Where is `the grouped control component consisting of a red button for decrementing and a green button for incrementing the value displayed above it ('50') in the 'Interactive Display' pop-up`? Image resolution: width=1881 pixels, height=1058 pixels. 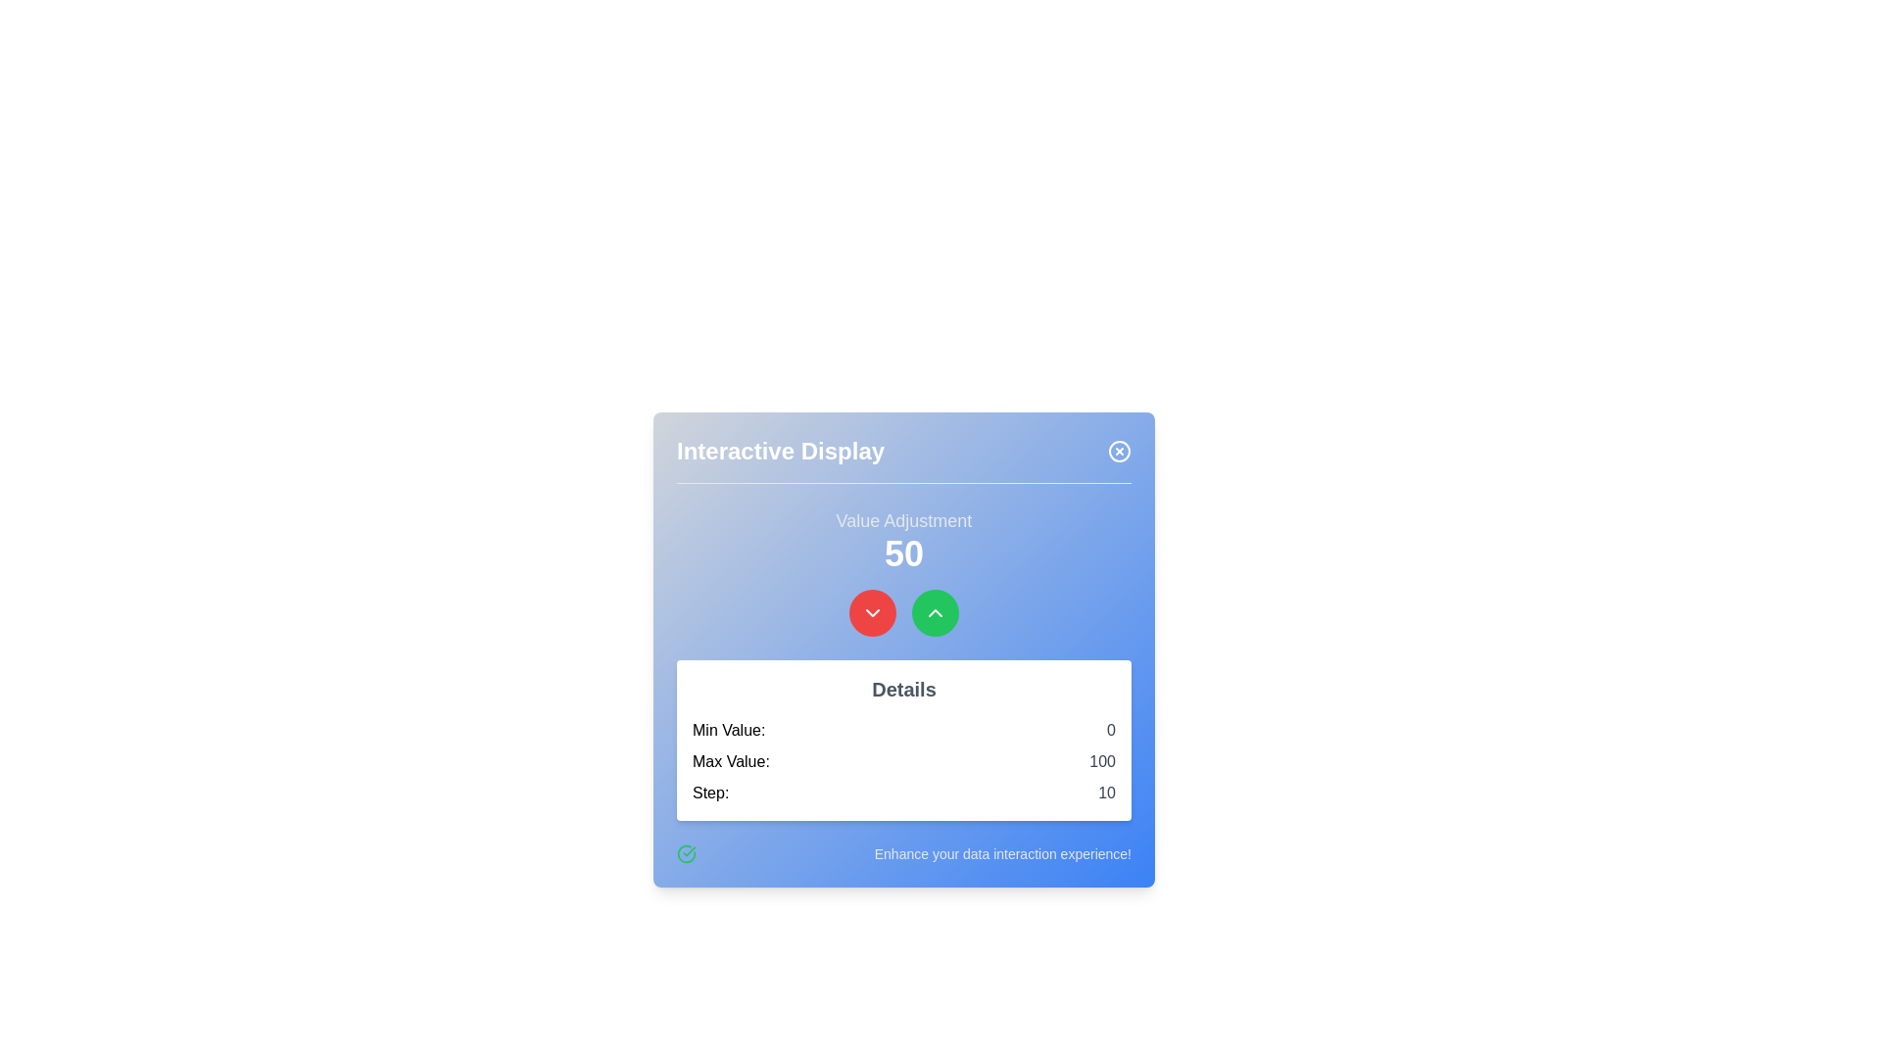 the grouped control component consisting of a red button for decrementing and a green button for incrementing the value displayed above it ('50') in the 'Interactive Display' pop-up is located at coordinates (902, 611).